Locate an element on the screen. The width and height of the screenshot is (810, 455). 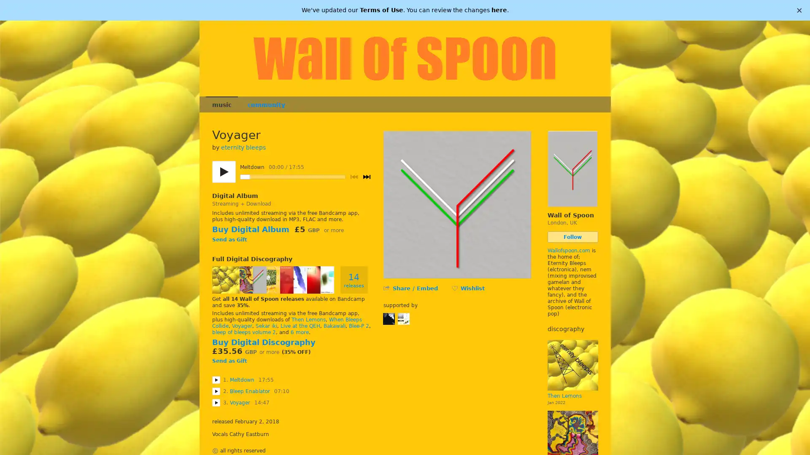
Buy Digital Album is located at coordinates (250, 229).